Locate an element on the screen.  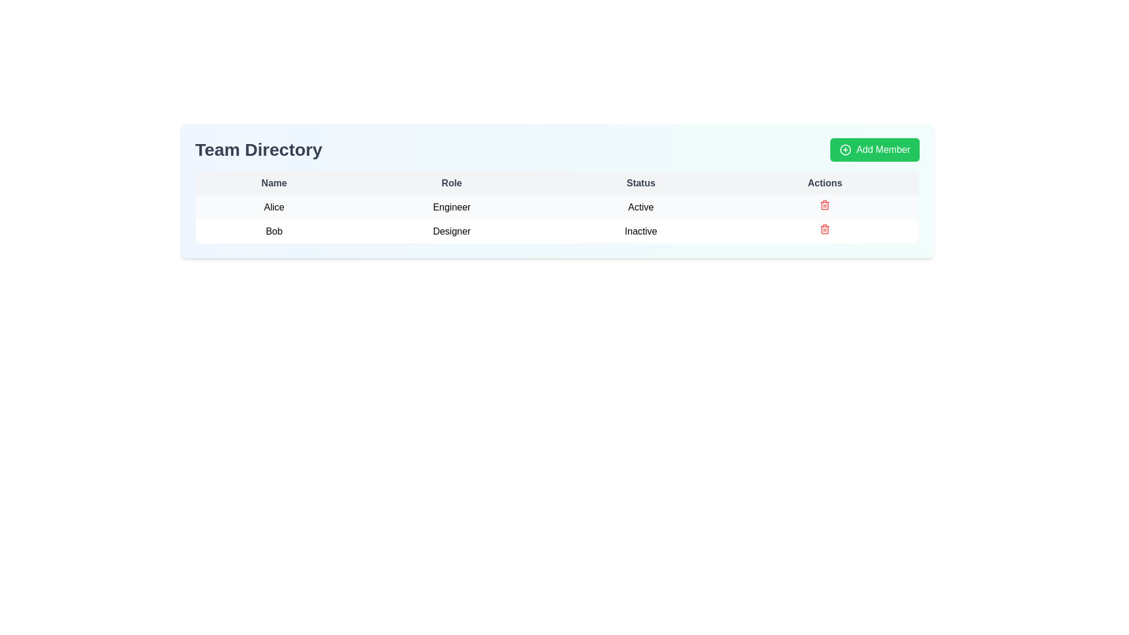
the 'Role' text label in the Team Directory table header, which is the second header between 'Name' and 'Status' is located at coordinates (451, 183).